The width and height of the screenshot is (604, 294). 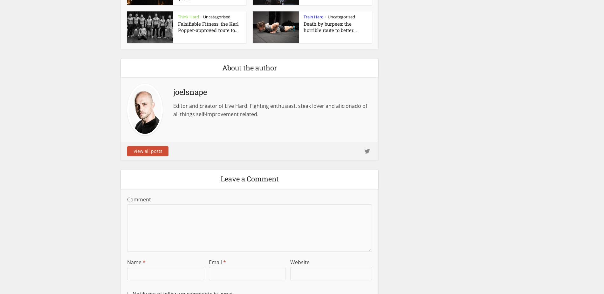 What do you see at coordinates (290, 262) in the screenshot?
I see `'Website'` at bounding box center [290, 262].